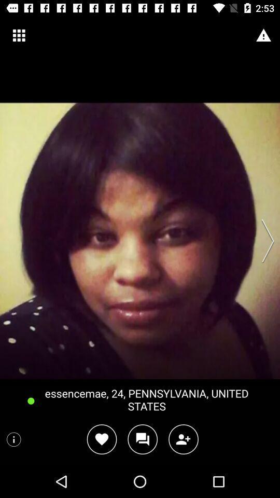  What do you see at coordinates (142, 439) in the screenshot?
I see `icon below the essencemae 24 pennsylvania item` at bounding box center [142, 439].